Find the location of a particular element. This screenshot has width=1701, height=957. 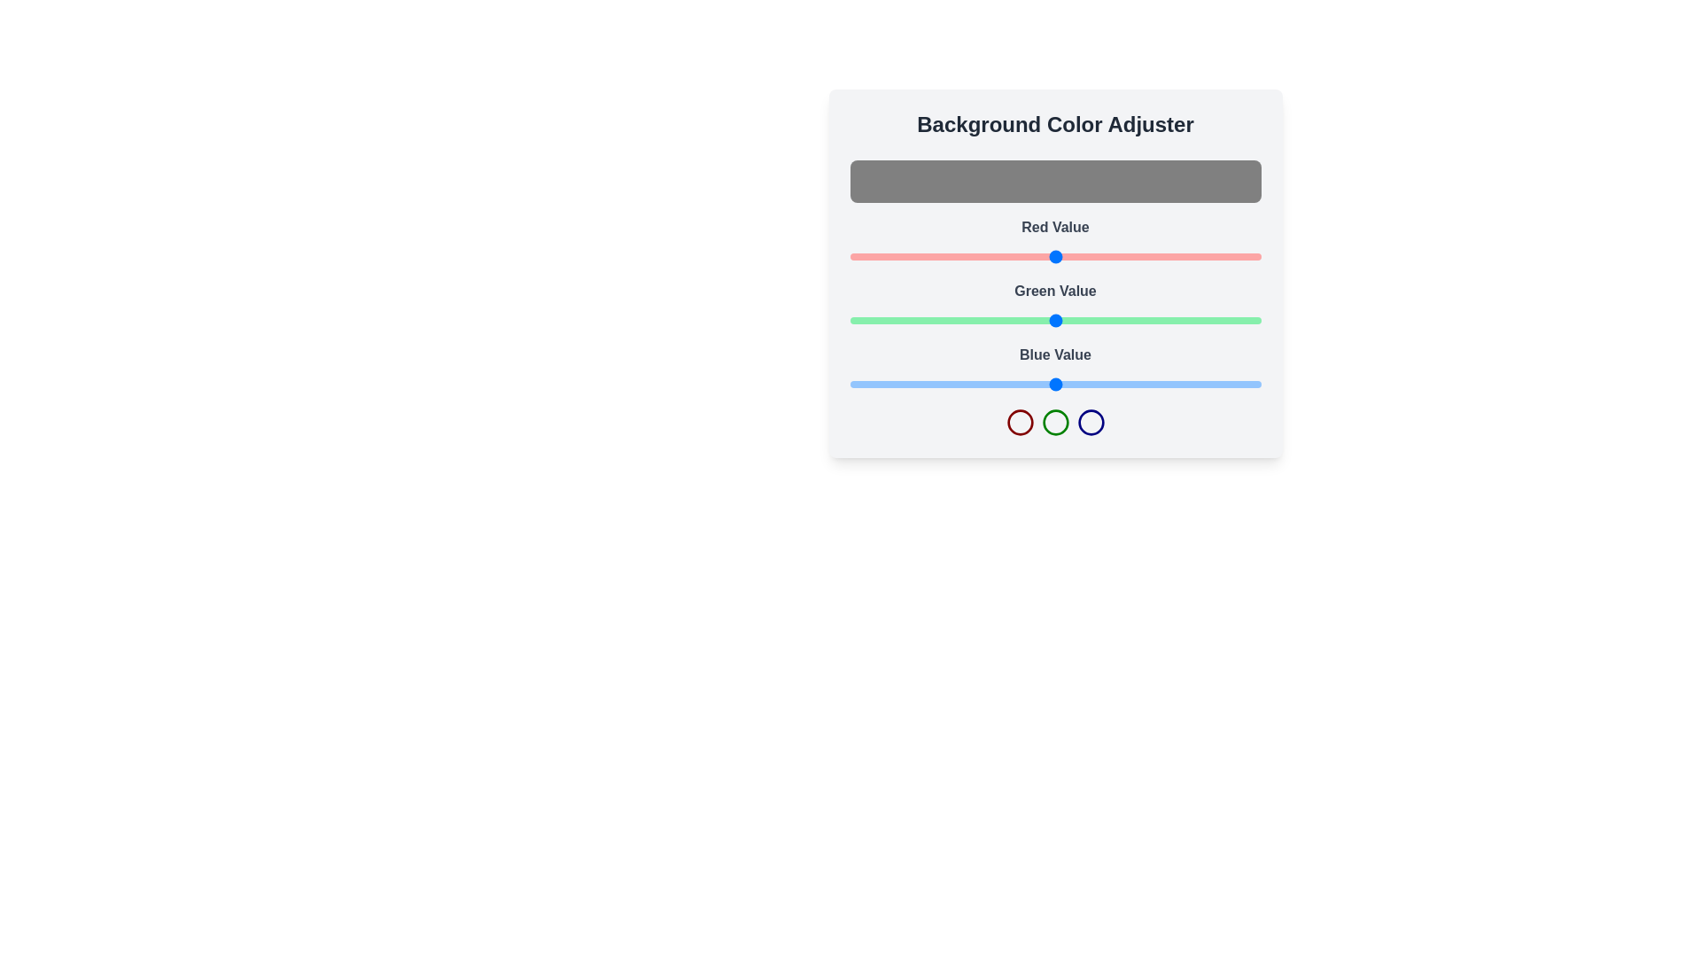

the blue slider to set the blue value to 15 is located at coordinates (874, 384).